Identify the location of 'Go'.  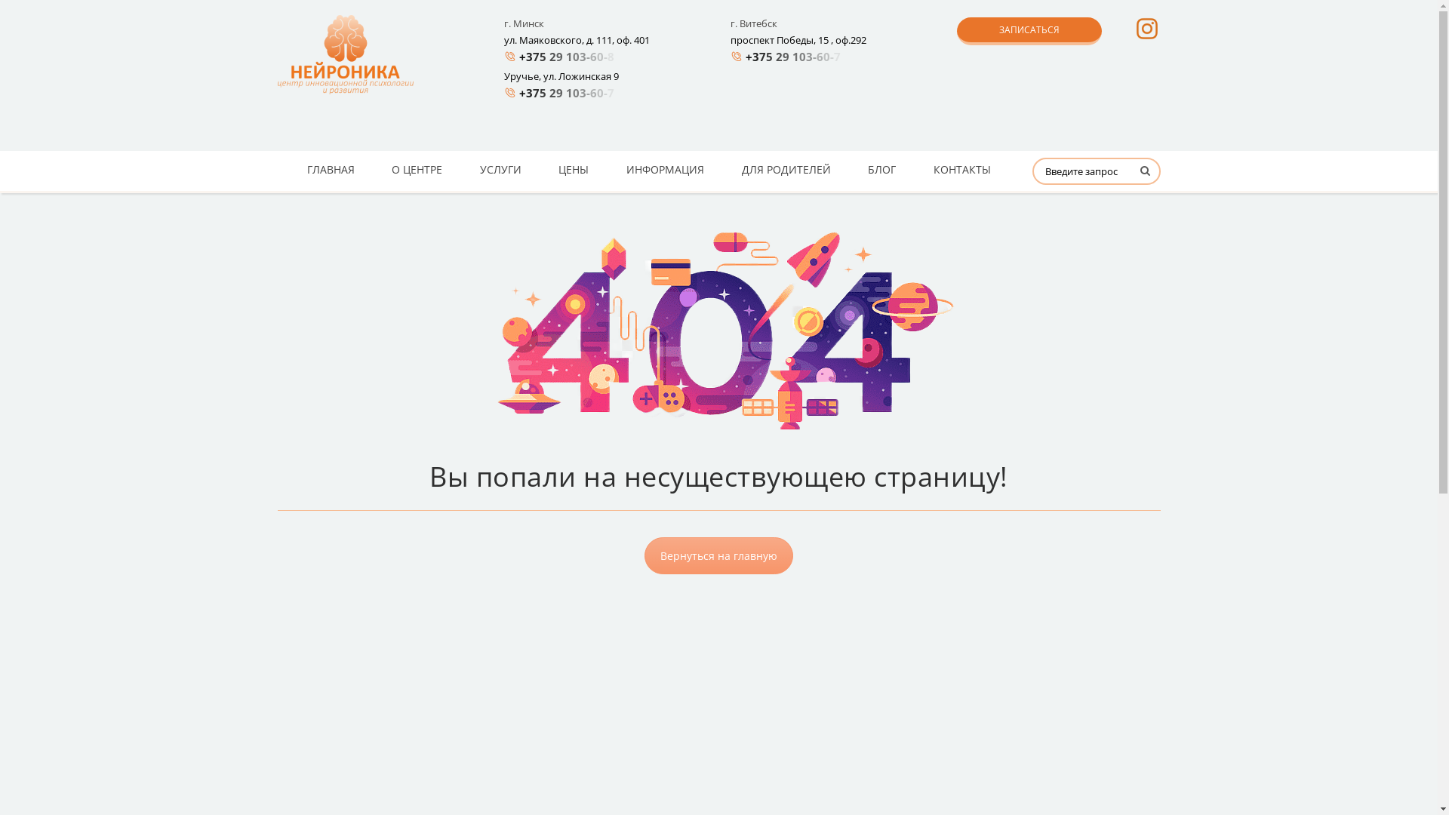
(1126, 176).